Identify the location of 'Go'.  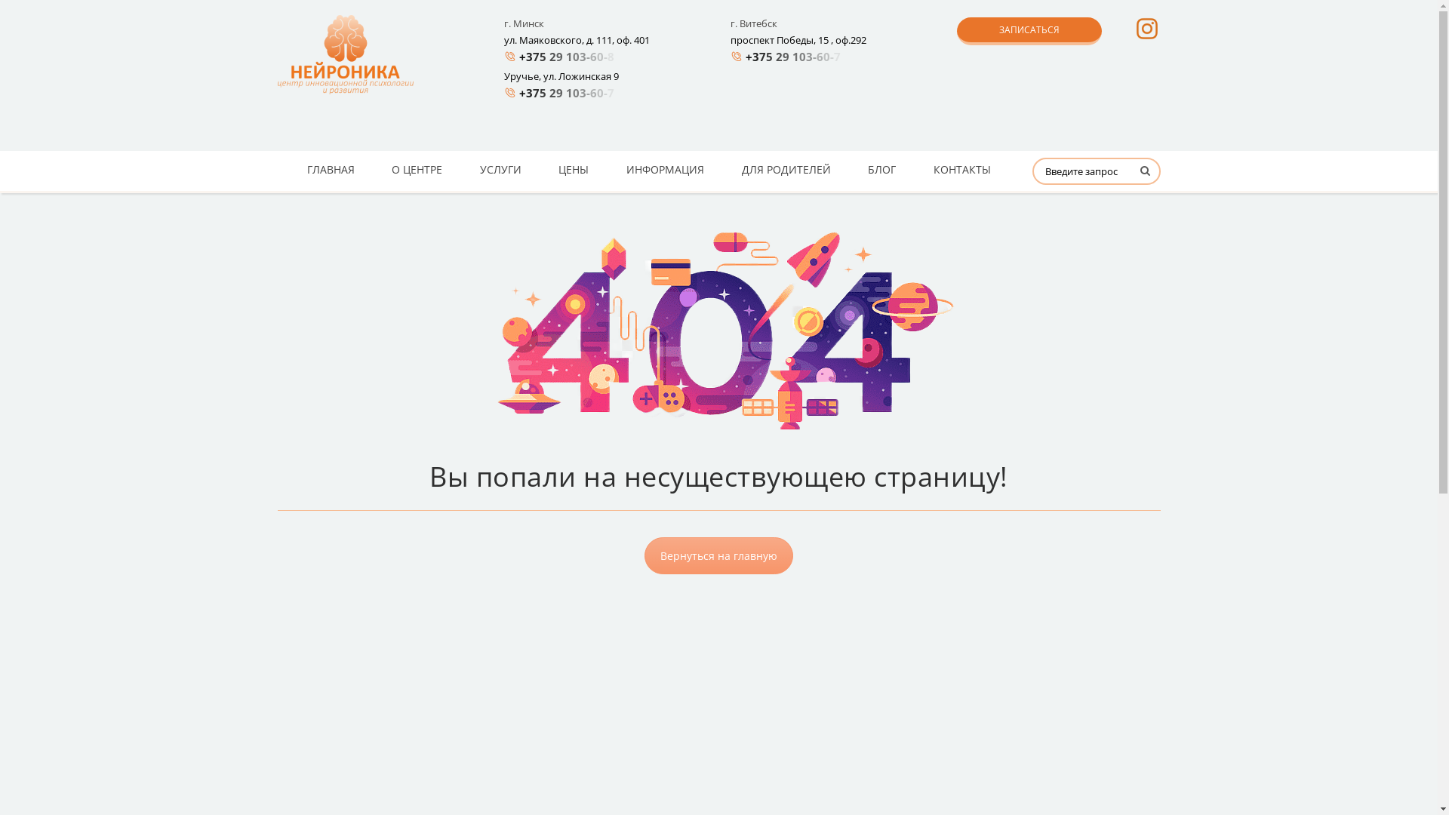
(1126, 176).